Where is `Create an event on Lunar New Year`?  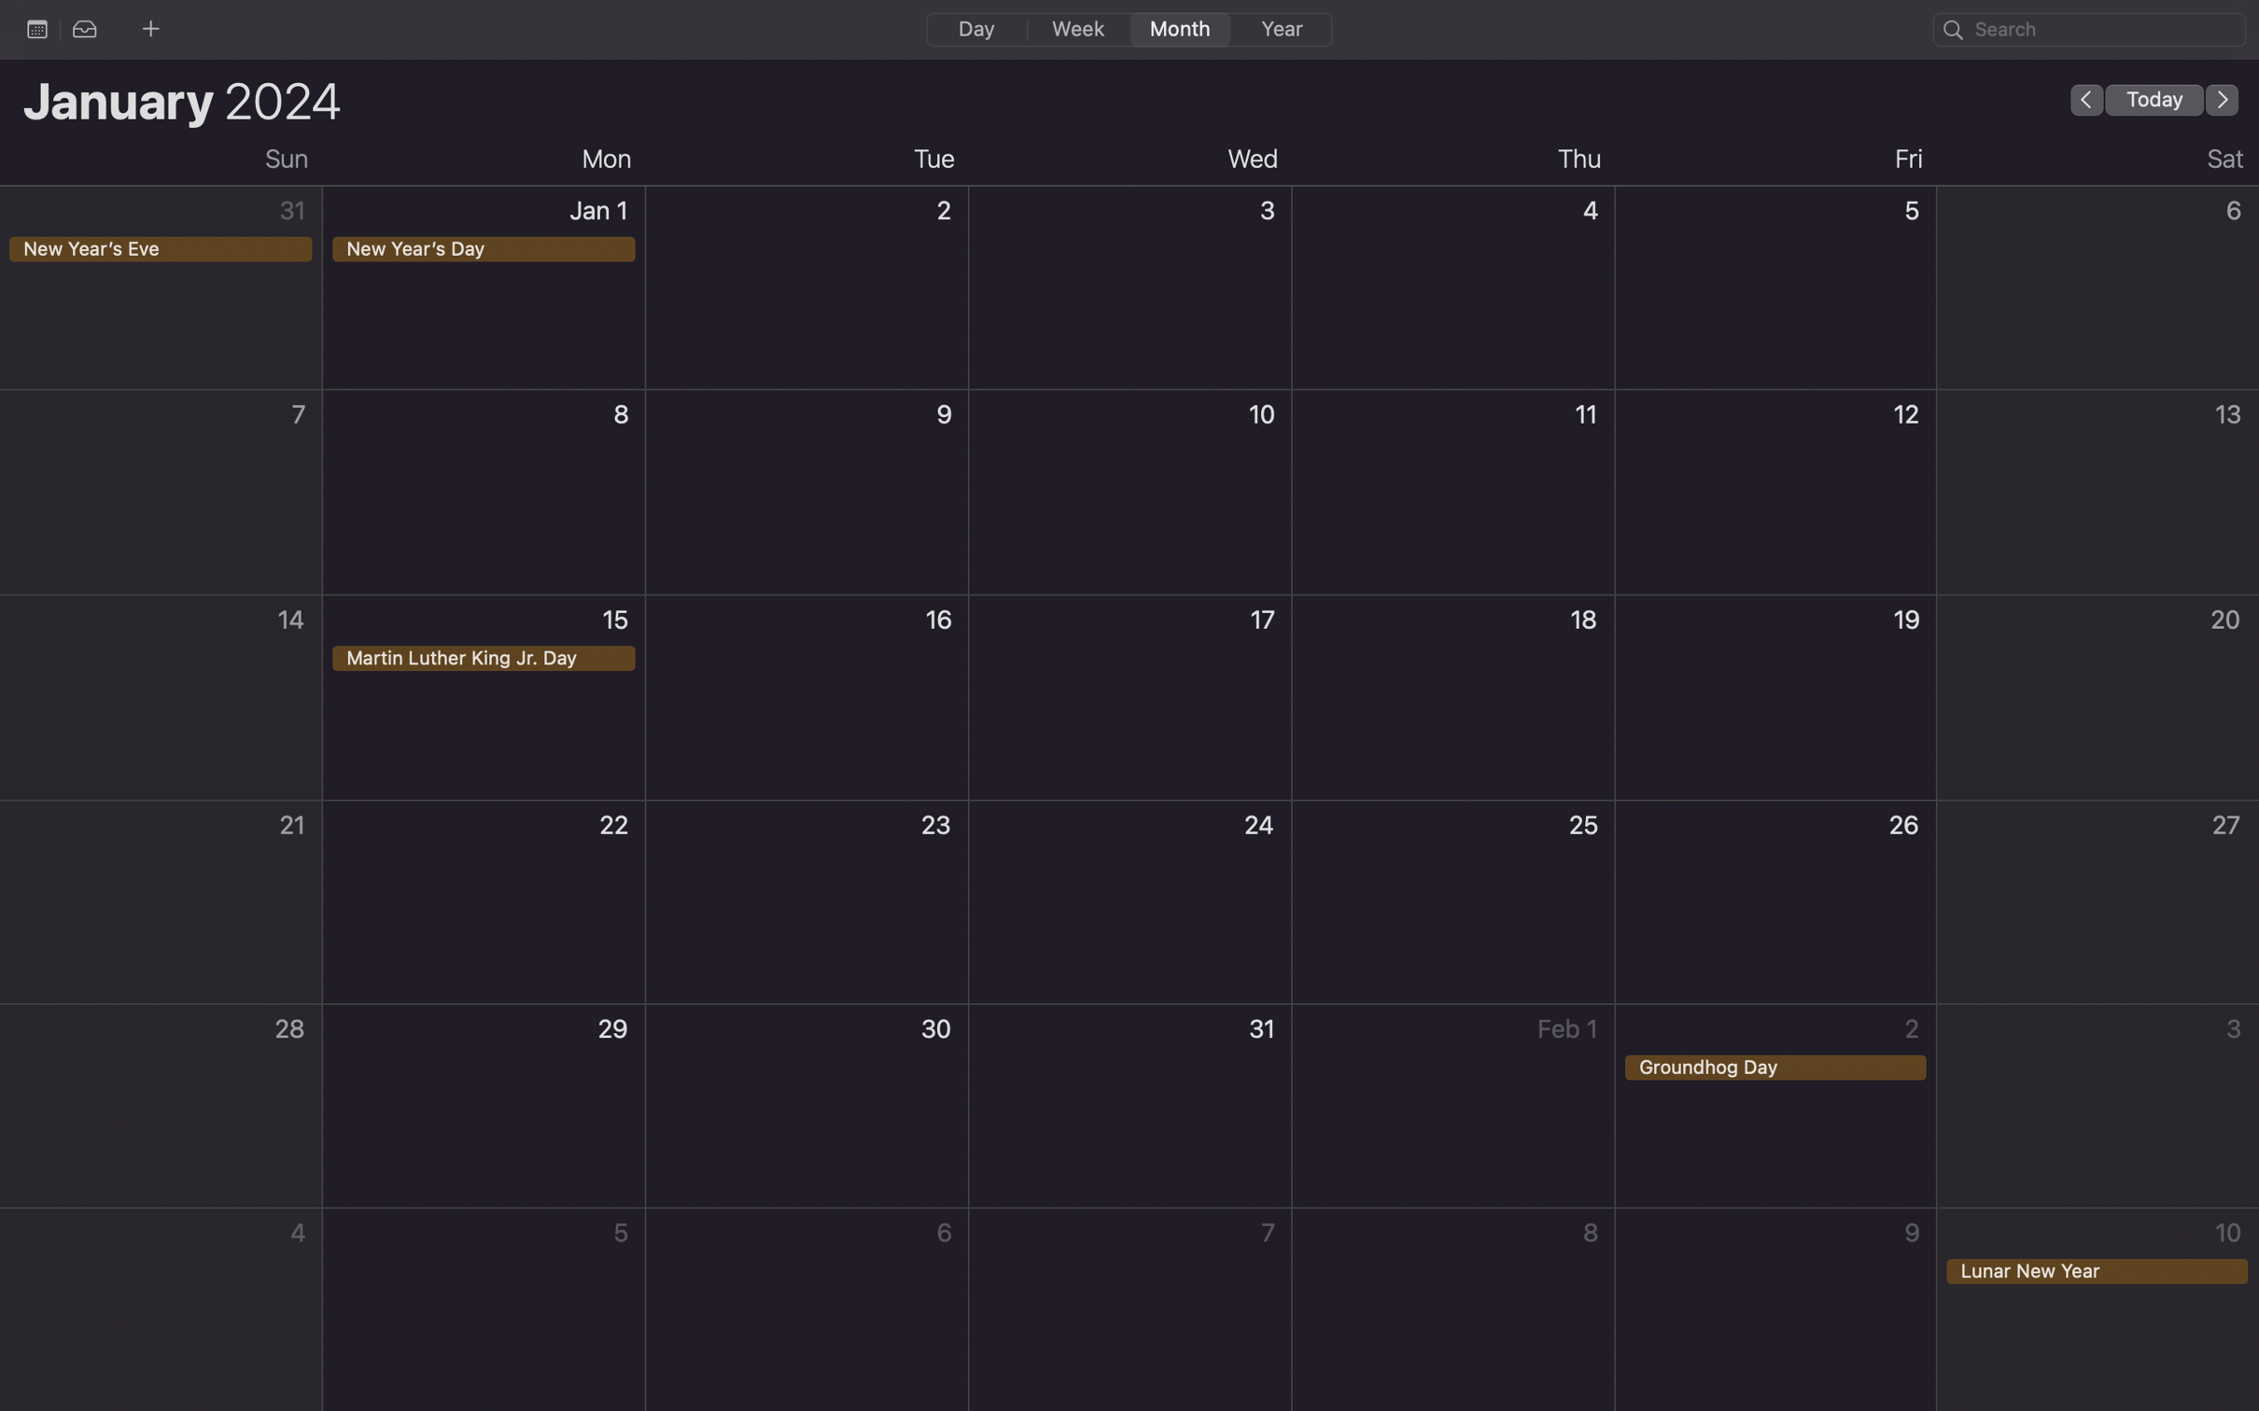 Create an event on Lunar New Year is located at coordinates (2098, 1306).